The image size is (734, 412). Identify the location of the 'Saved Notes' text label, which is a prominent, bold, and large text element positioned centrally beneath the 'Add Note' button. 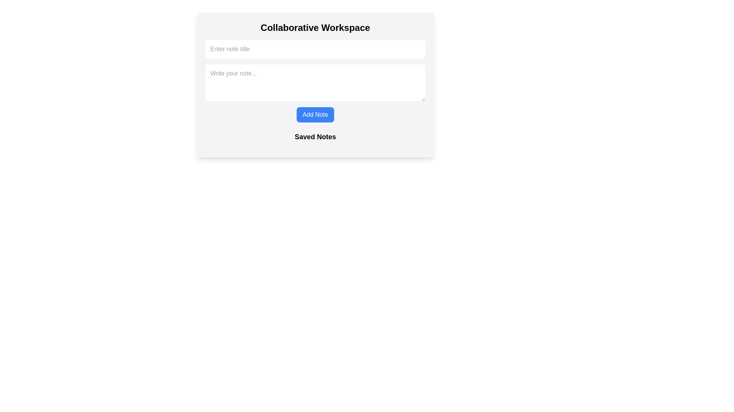
(315, 136).